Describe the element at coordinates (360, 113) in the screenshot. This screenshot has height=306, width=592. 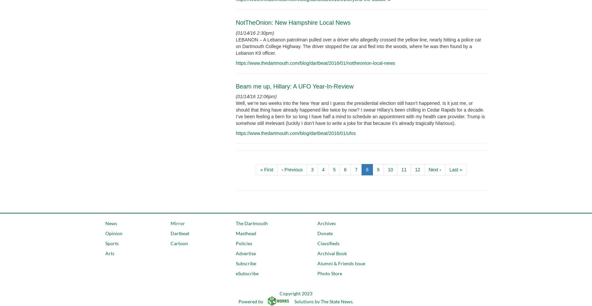
I see `'Well, we’re two weeks into the New Year and I guess the presidential election still hasn’t happened. Is it just me, or should that thing have already happened like twice by now? I swear Hillary’s been chilling in Cedar Rapids for a decade. I’ve been feeling a bern for so long I have half a mind to schedule an appointment with my health care provider. Trump is somehow still #relevant (luckily I don’t have to write a joke for that because it’s already tragically hilarious).'` at that location.